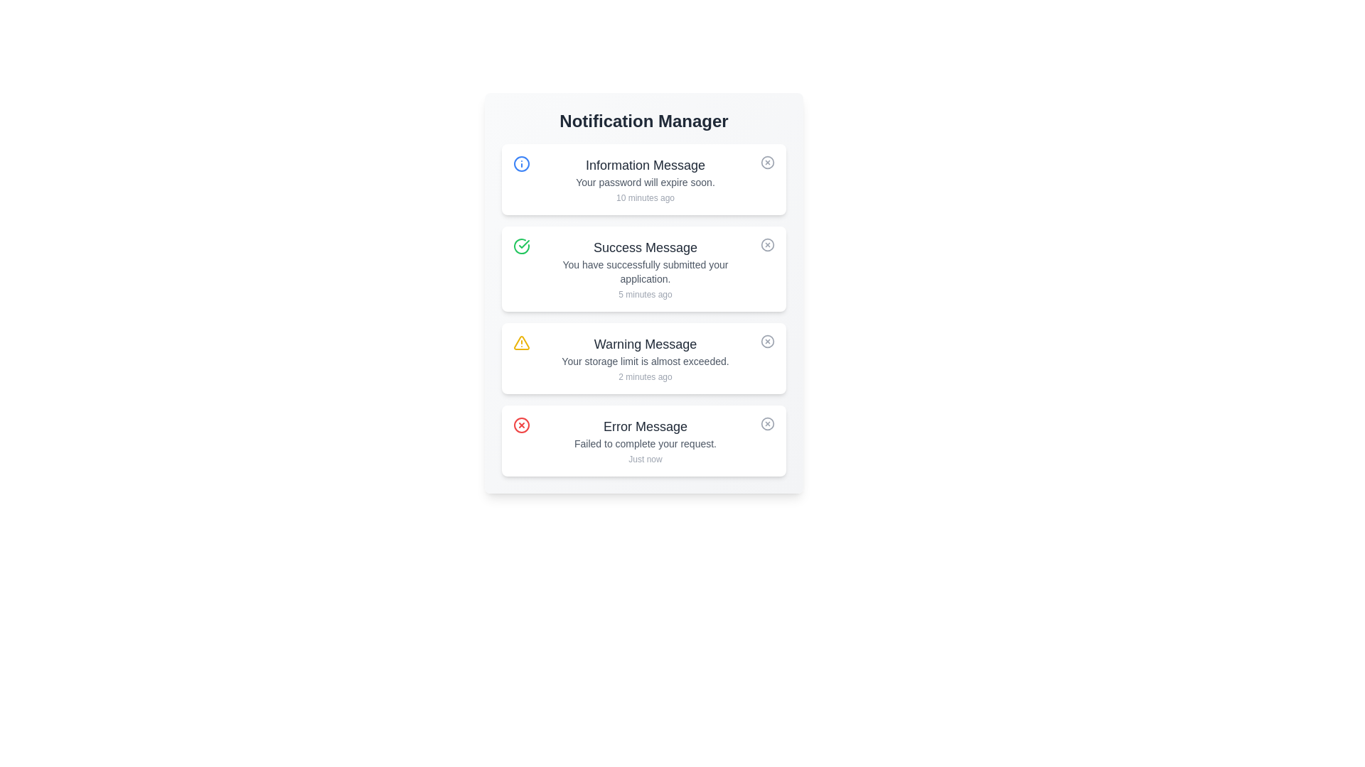 The width and height of the screenshot is (1365, 767). I want to click on the text label reading '10 minutes ago' which is styled in gray color and located at the bottom of the notification card about expiring passwords, so click(644, 197).